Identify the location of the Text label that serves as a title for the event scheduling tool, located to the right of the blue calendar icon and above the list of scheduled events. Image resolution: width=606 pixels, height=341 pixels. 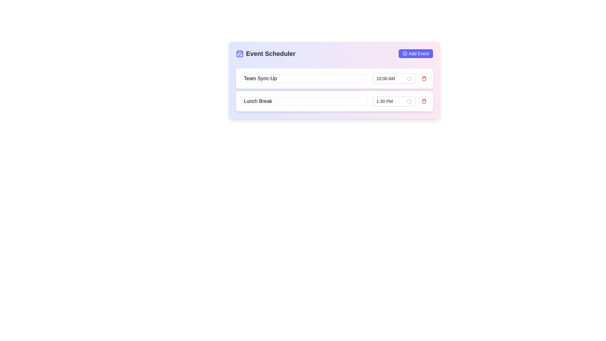
(270, 53).